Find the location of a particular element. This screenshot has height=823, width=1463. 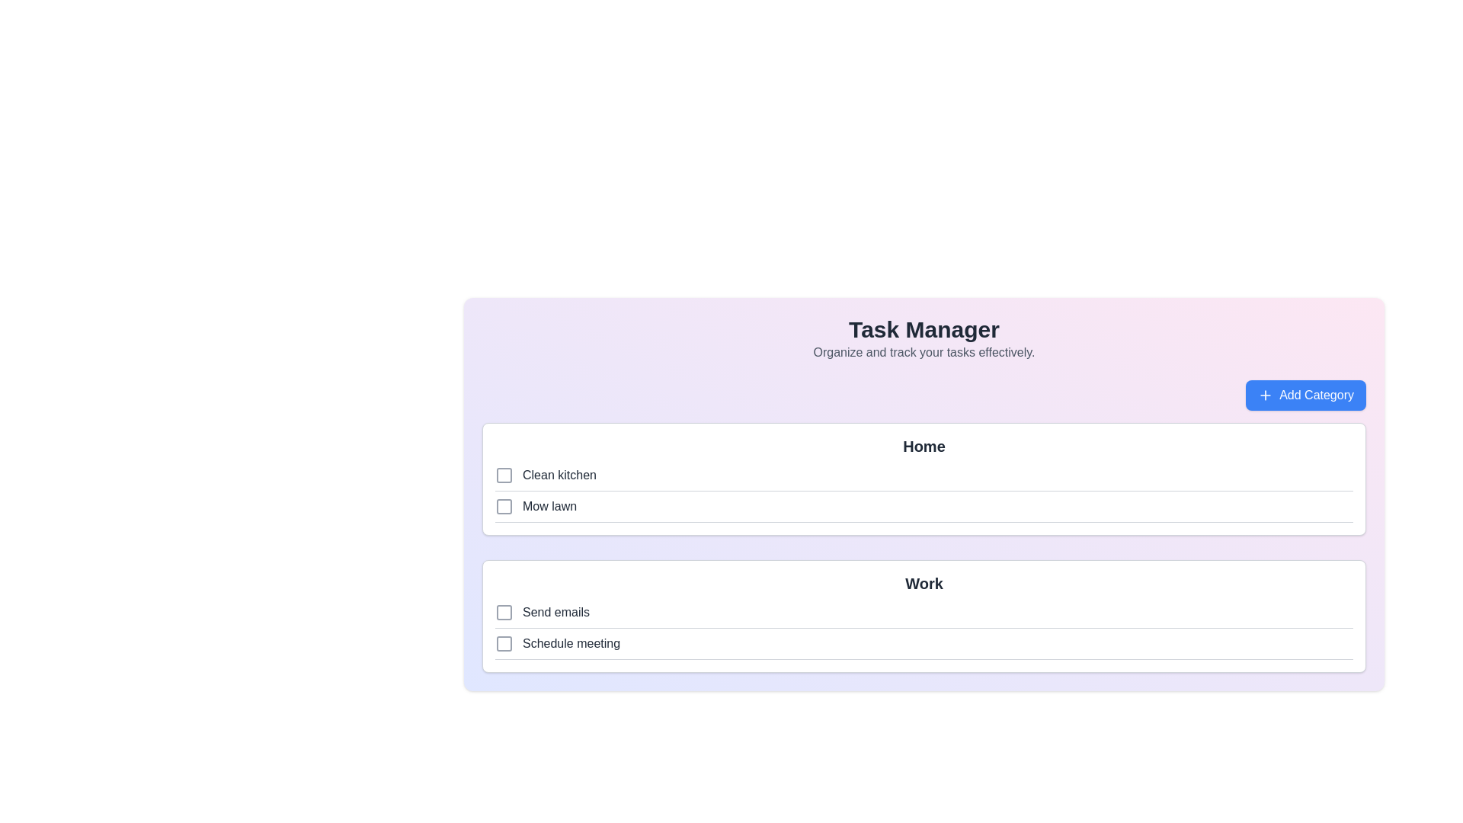

the text label displaying the task 'Mow lawn', which is the second item in the vertical list of the 'Home' task category, positioned below 'Clean kitchen' and adjacent to its corresponding checkbox is located at coordinates (549, 506).